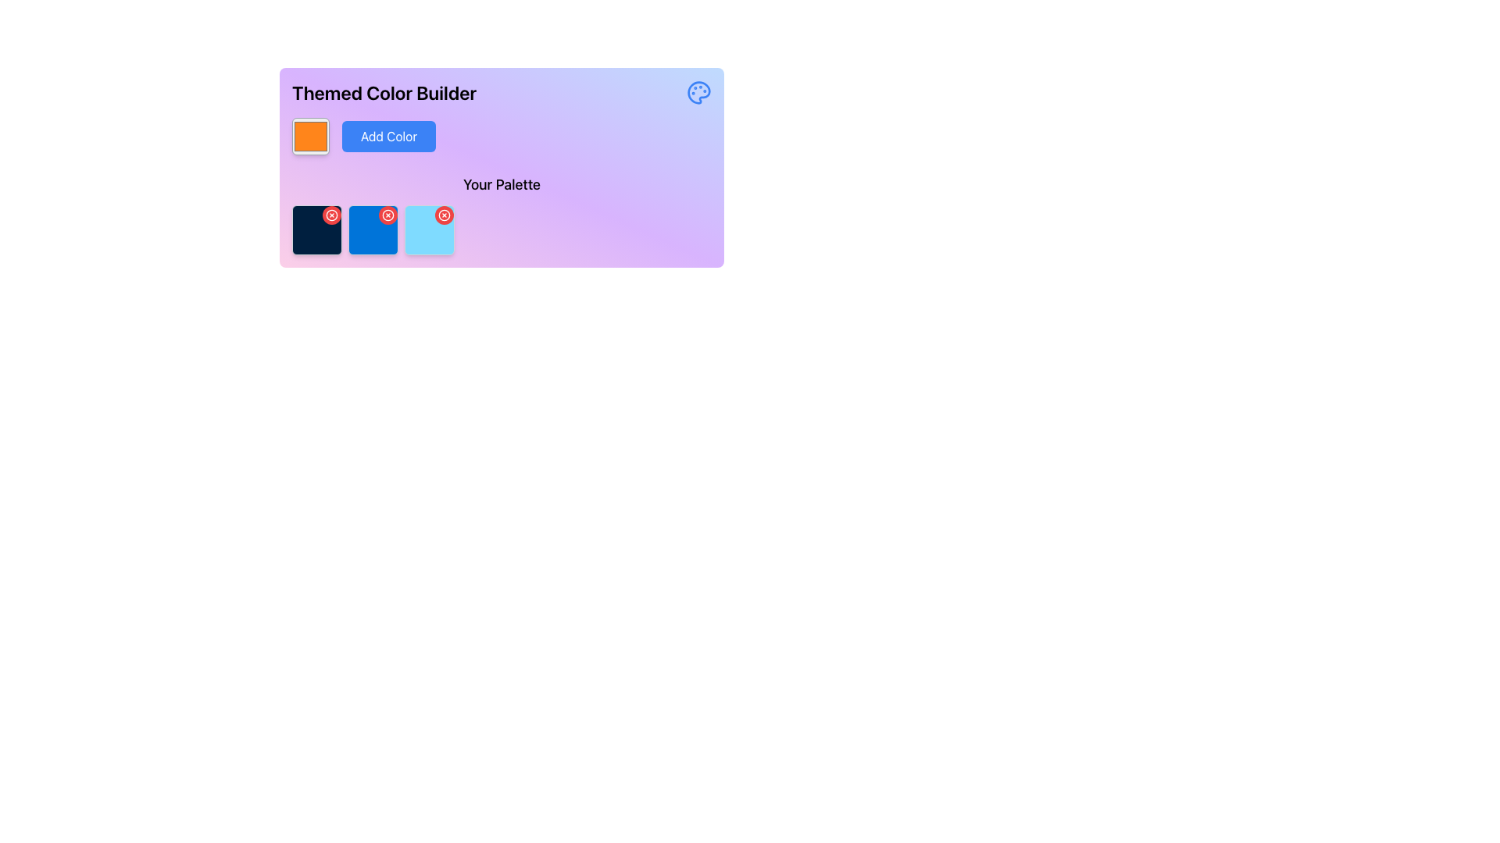 Image resolution: width=1500 pixels, height=843 pixels. I want to click on the red circular button at the top-right corner of the third color tile in the color palette, so click(430, 229).